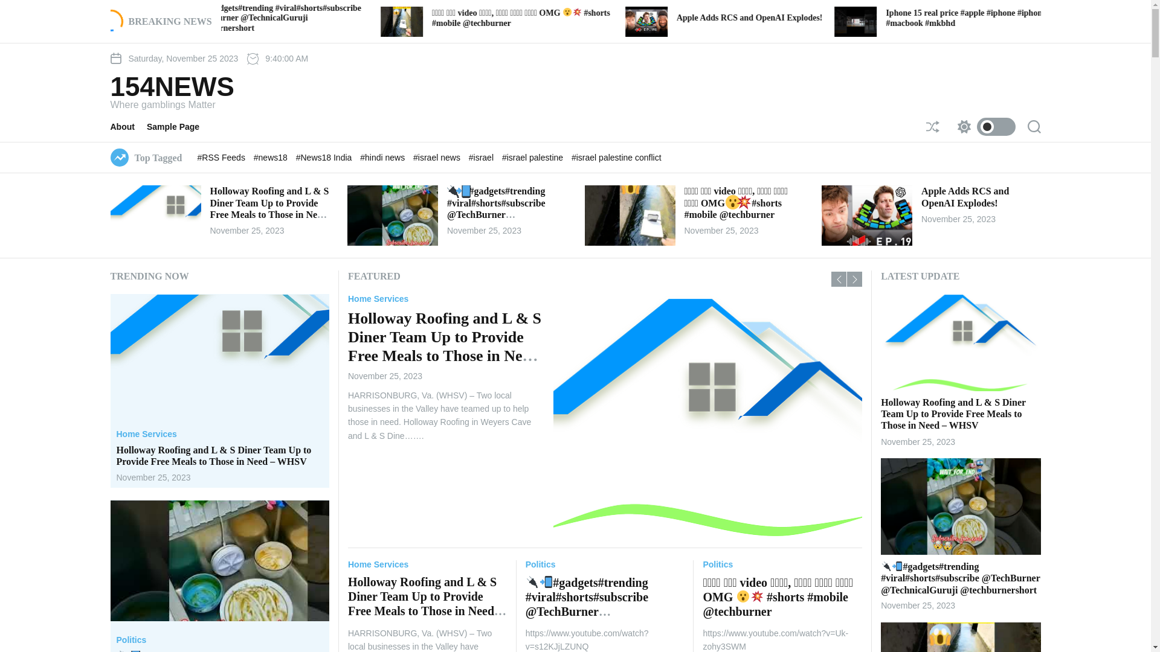 The width and height of the screenshot is (1160, 652). I want to click on '#News18 India', so click(325, 157).